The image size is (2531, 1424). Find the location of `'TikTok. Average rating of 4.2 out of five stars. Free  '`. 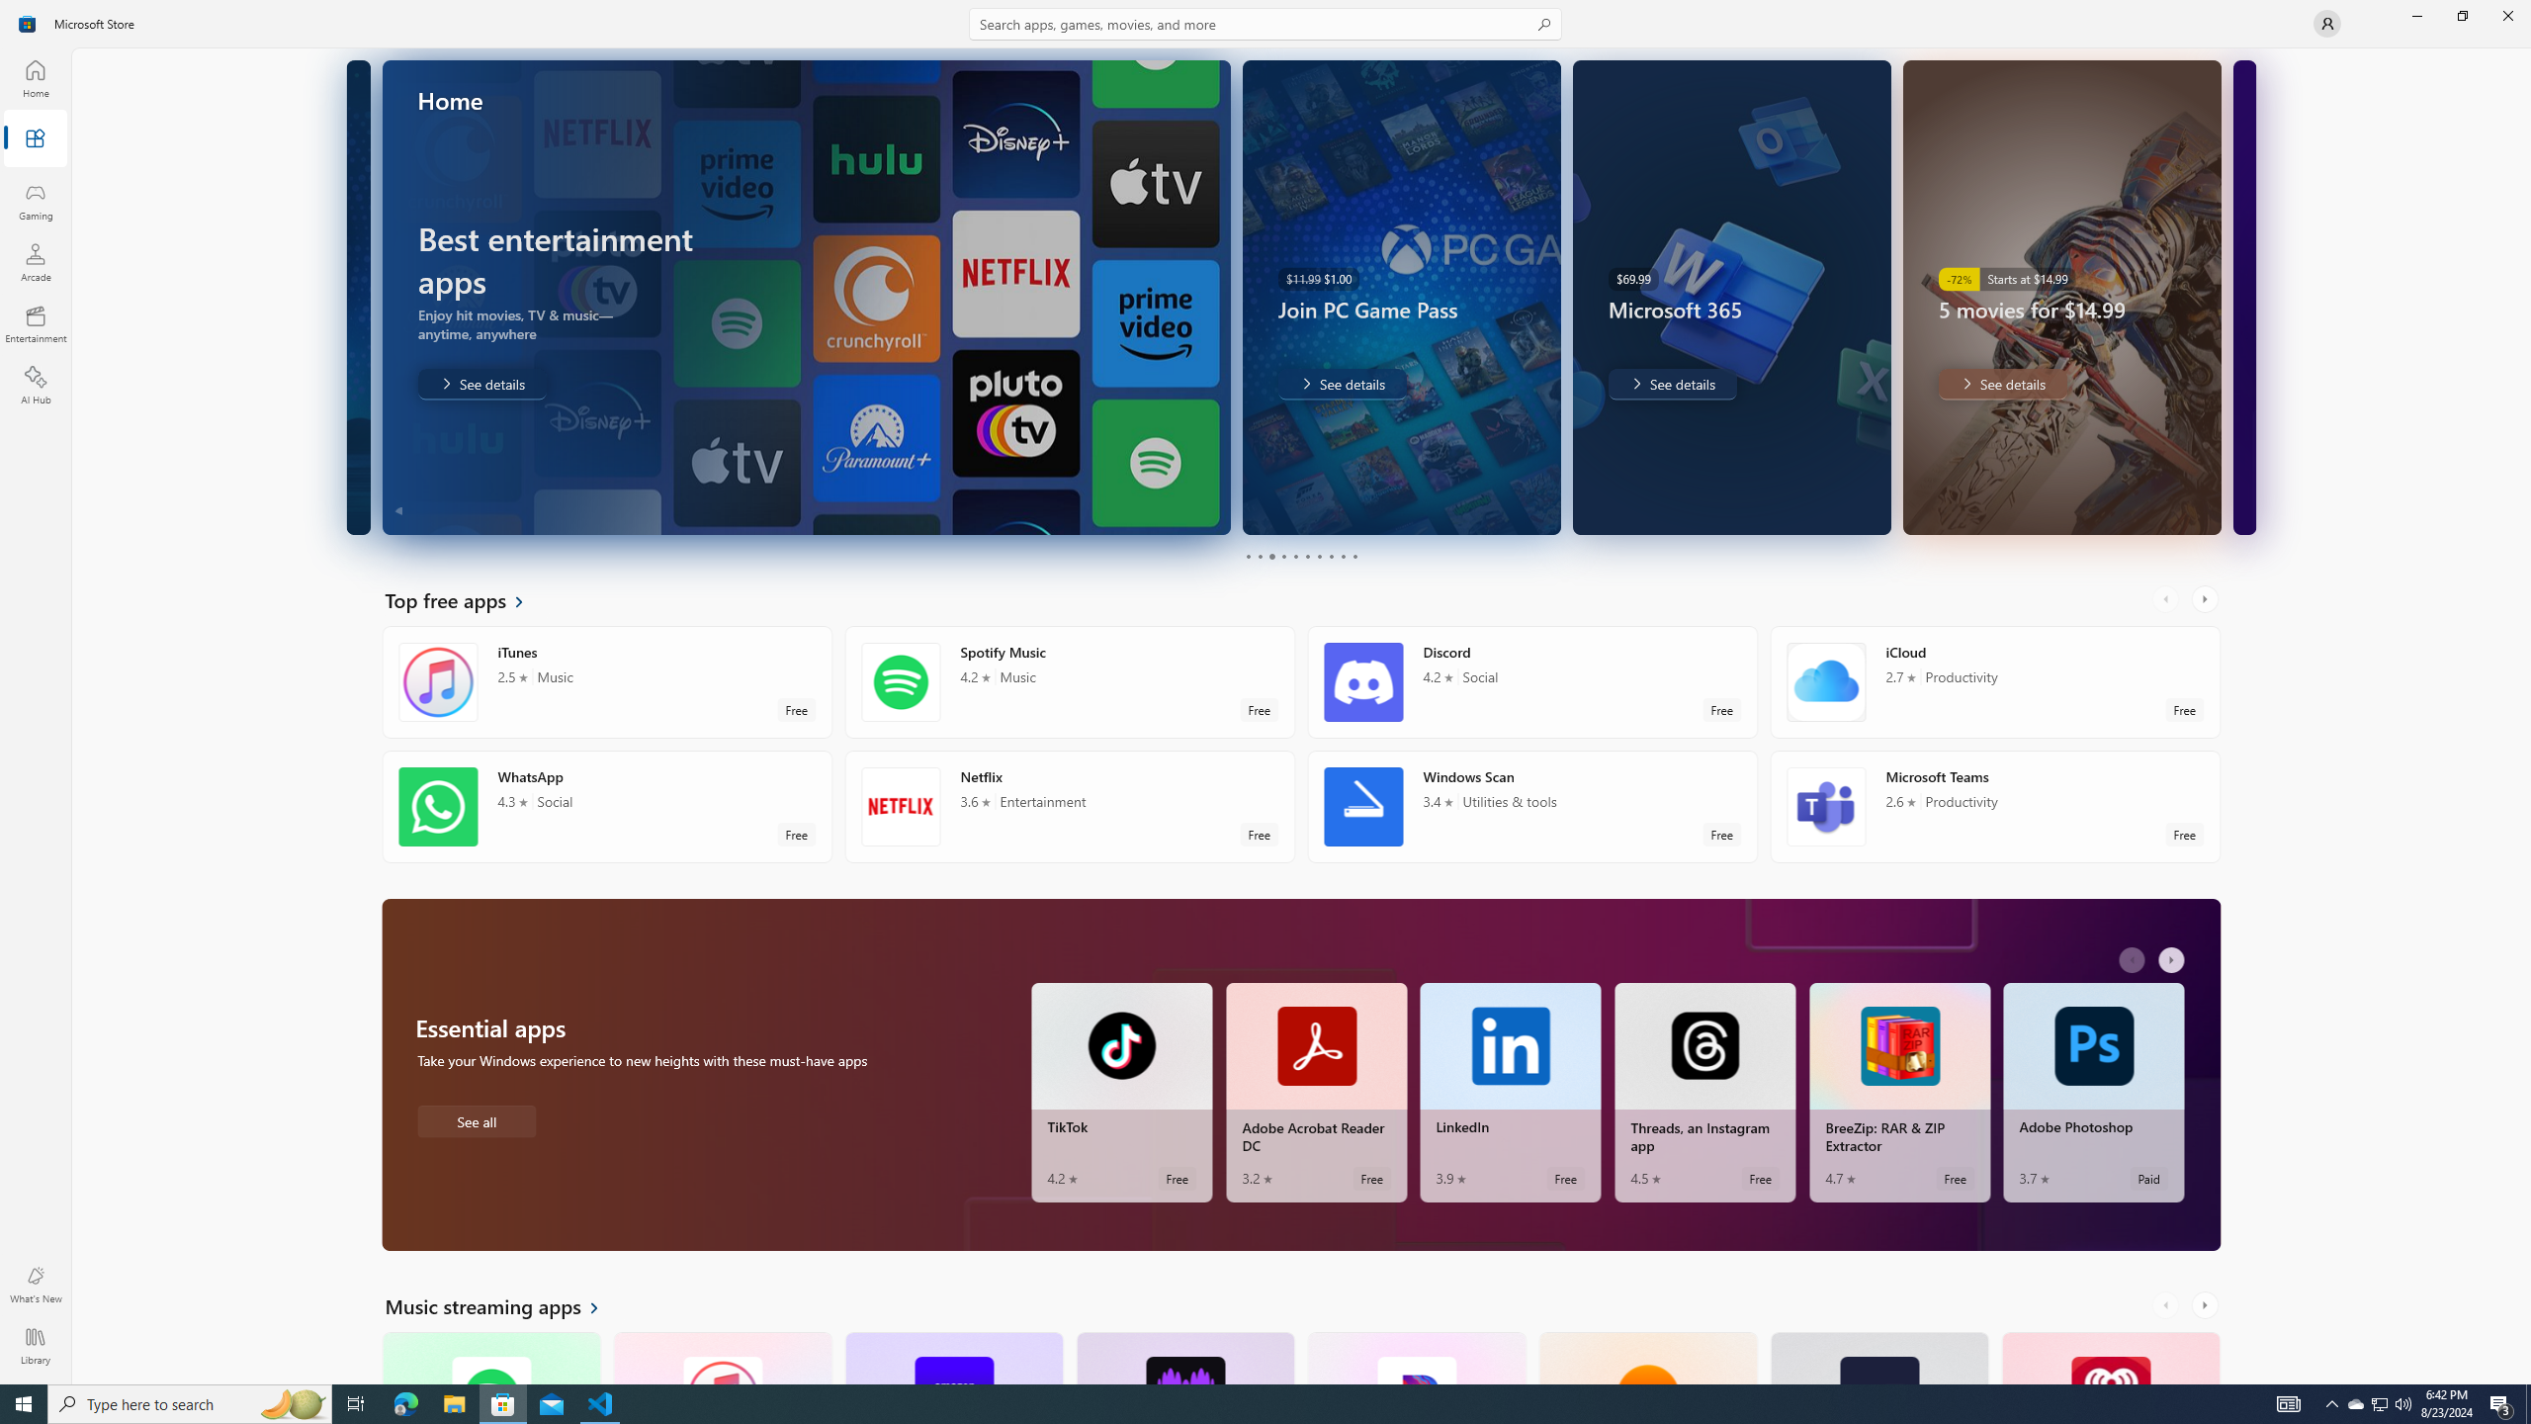

'TikTok. Average rating of 4.2 out of five stars. Free  ' is located at coordinates (1120, 1092).